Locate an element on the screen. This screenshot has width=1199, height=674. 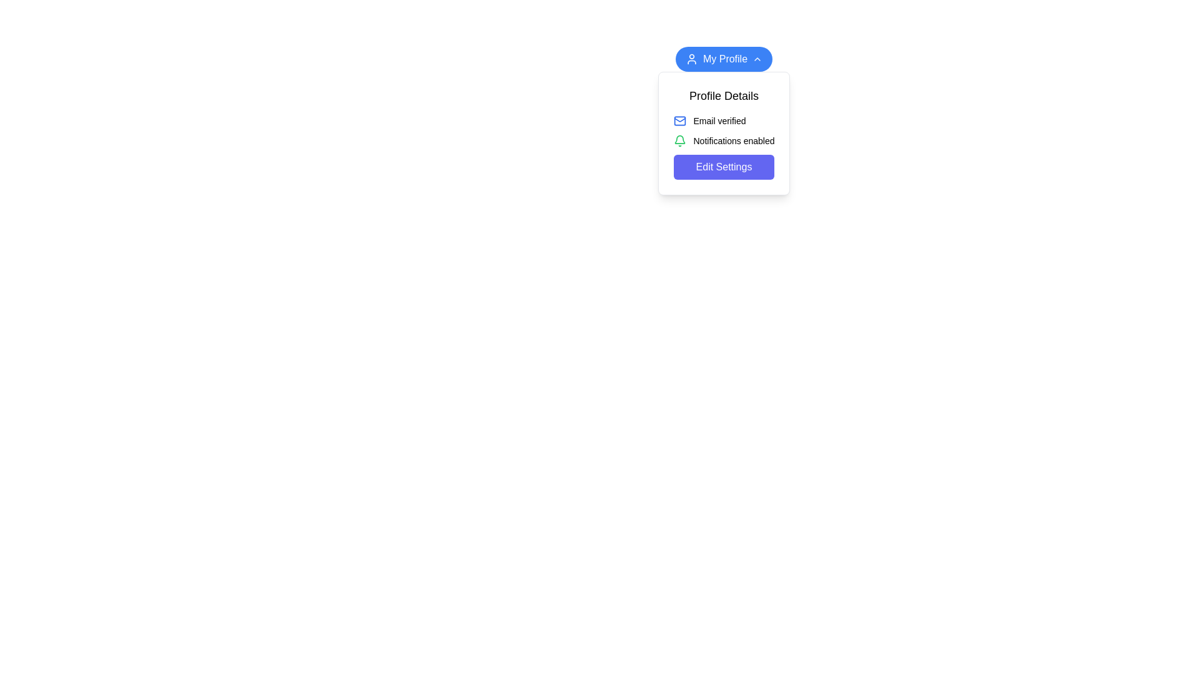
the settings button located beneath the 'My Profile' heading in the dropdown card, positioned below the 'Notifications enabled' text is located at coordinates (724, 166).